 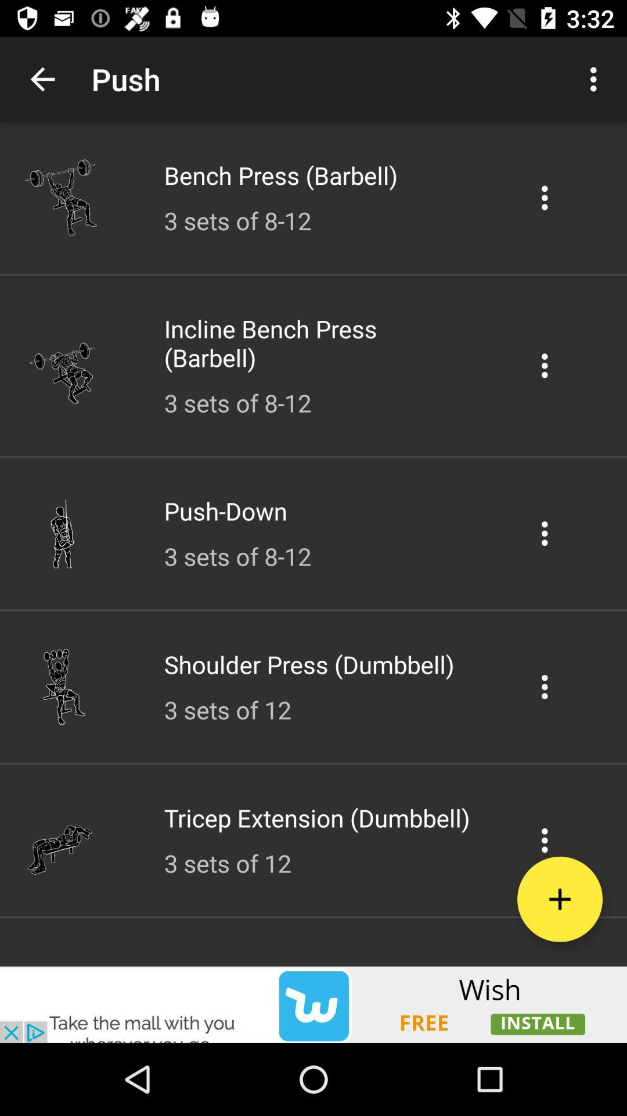 I want to click on workout, so click(x=559, y=899).